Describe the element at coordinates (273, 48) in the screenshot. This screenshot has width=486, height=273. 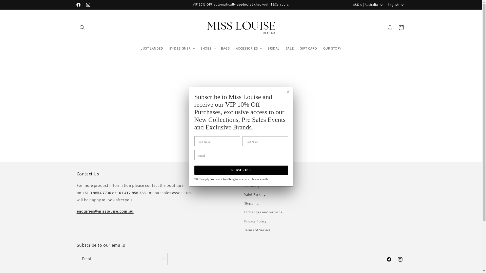
I see `'BRIDAL'` at that location.